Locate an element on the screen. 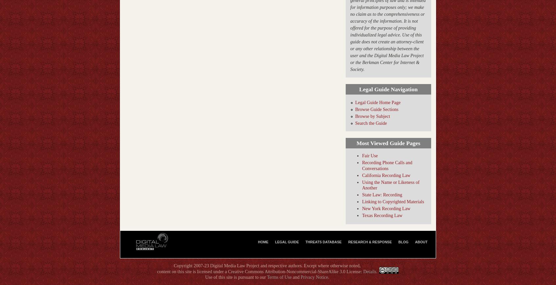 The image size is (556, 285). 'New York Recording Law' is located at coordinates (385, 208).